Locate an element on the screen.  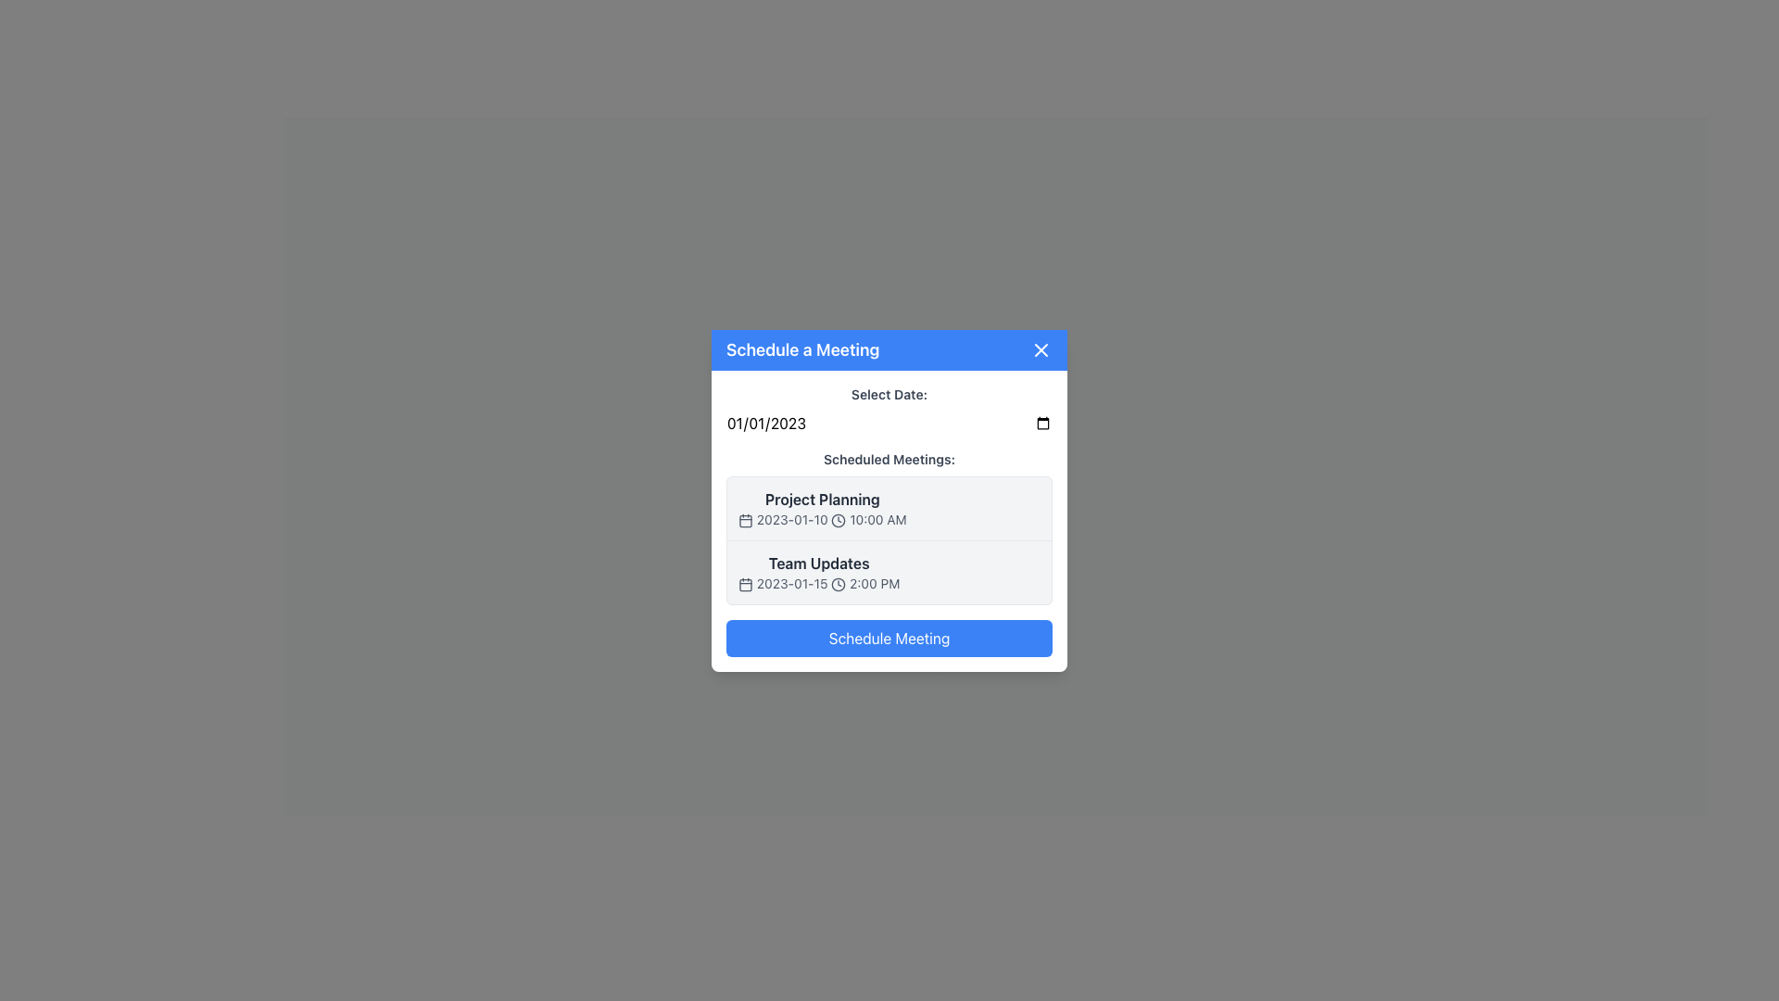
text label 'Scheduled Meetings:' which is styled in a small bold font and located in the header section above the meeting list is located at coordinates (889, 458).